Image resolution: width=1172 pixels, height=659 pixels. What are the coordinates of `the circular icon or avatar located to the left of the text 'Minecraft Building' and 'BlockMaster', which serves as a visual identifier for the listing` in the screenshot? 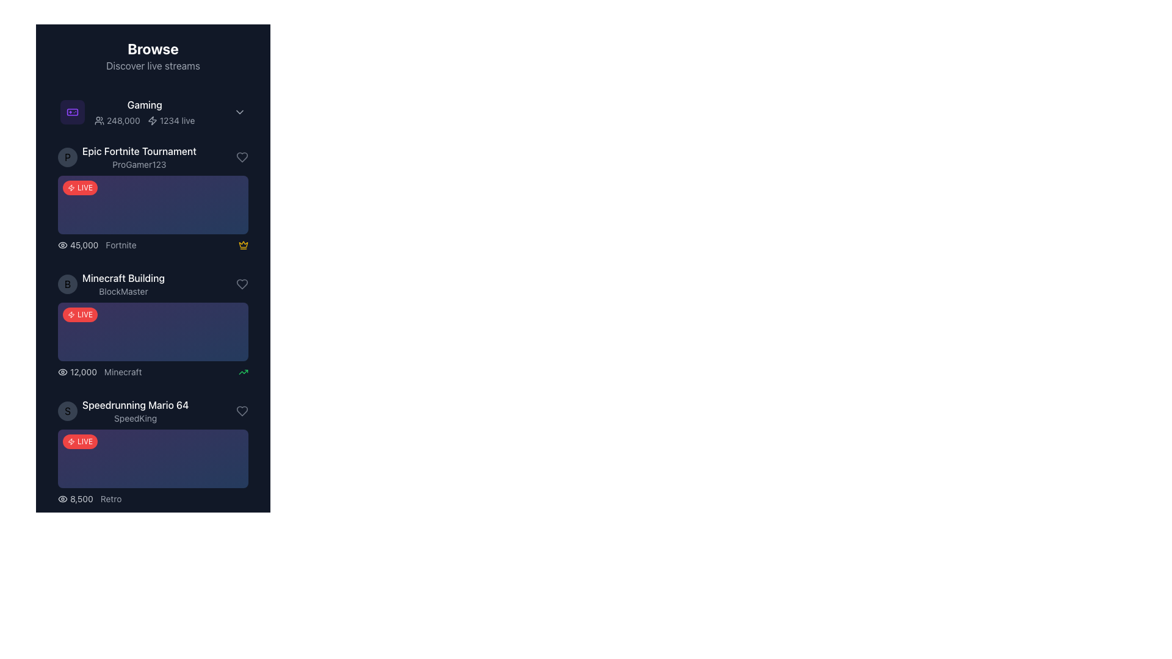 It's located at (67, 284).